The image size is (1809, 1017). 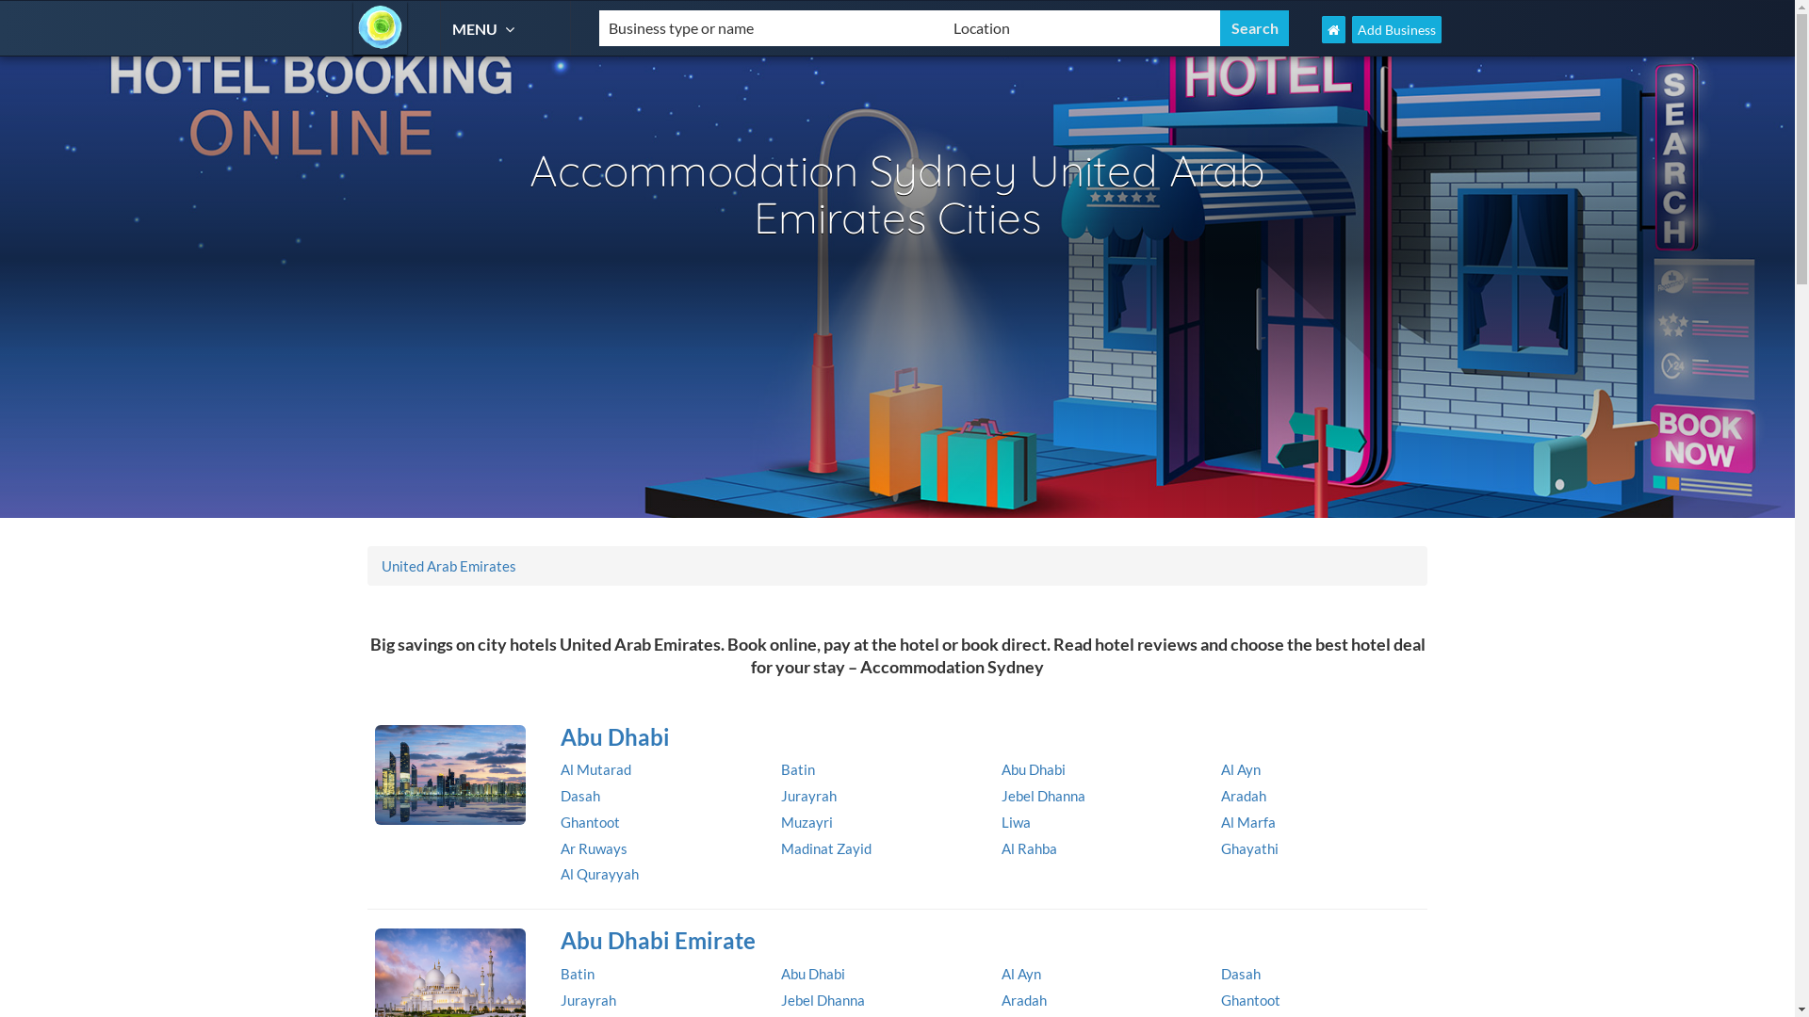 What do you see at coordinates (808, 795) in the screenshot?
I see `'Jurayrah'` at bounding box center [808, 795].